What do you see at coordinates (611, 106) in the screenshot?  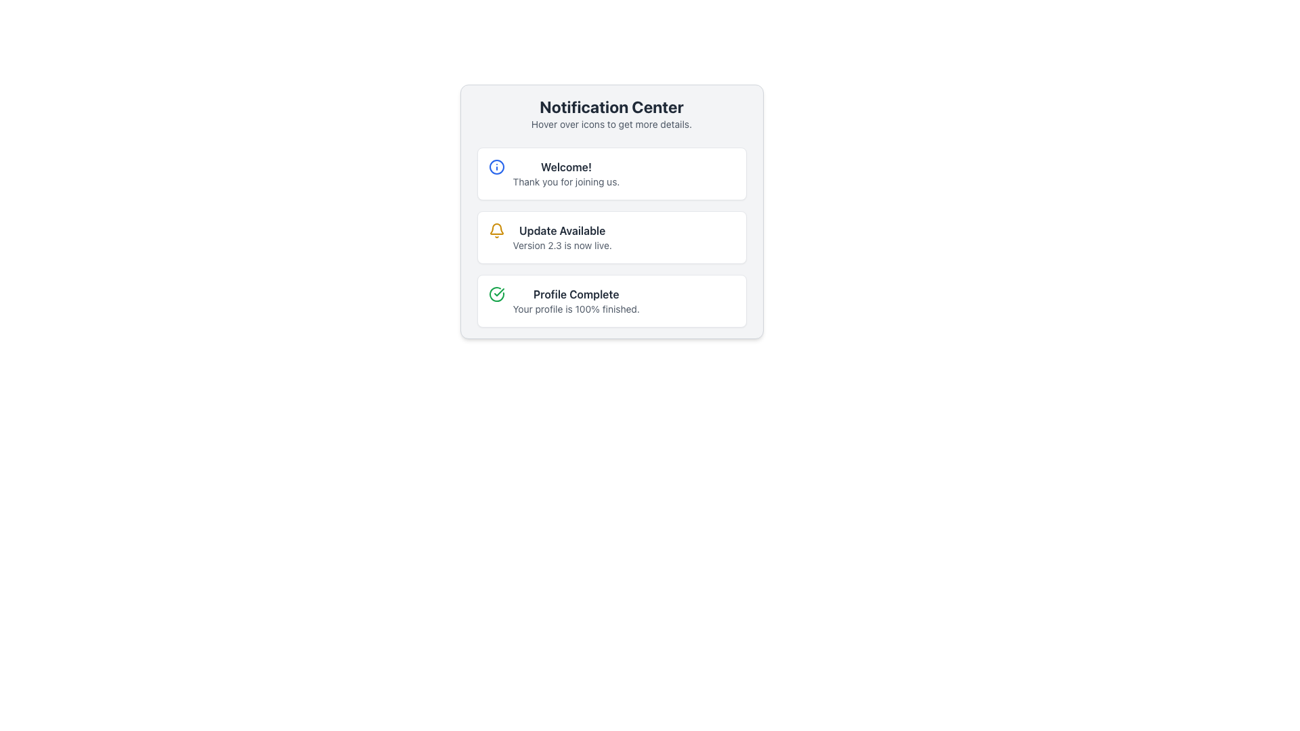 I see `the prominent heading text 'Notification Center', which is styled in bold and dark color, positioned at the top of the section above smaller informational text` at bounding box center [611, 106].